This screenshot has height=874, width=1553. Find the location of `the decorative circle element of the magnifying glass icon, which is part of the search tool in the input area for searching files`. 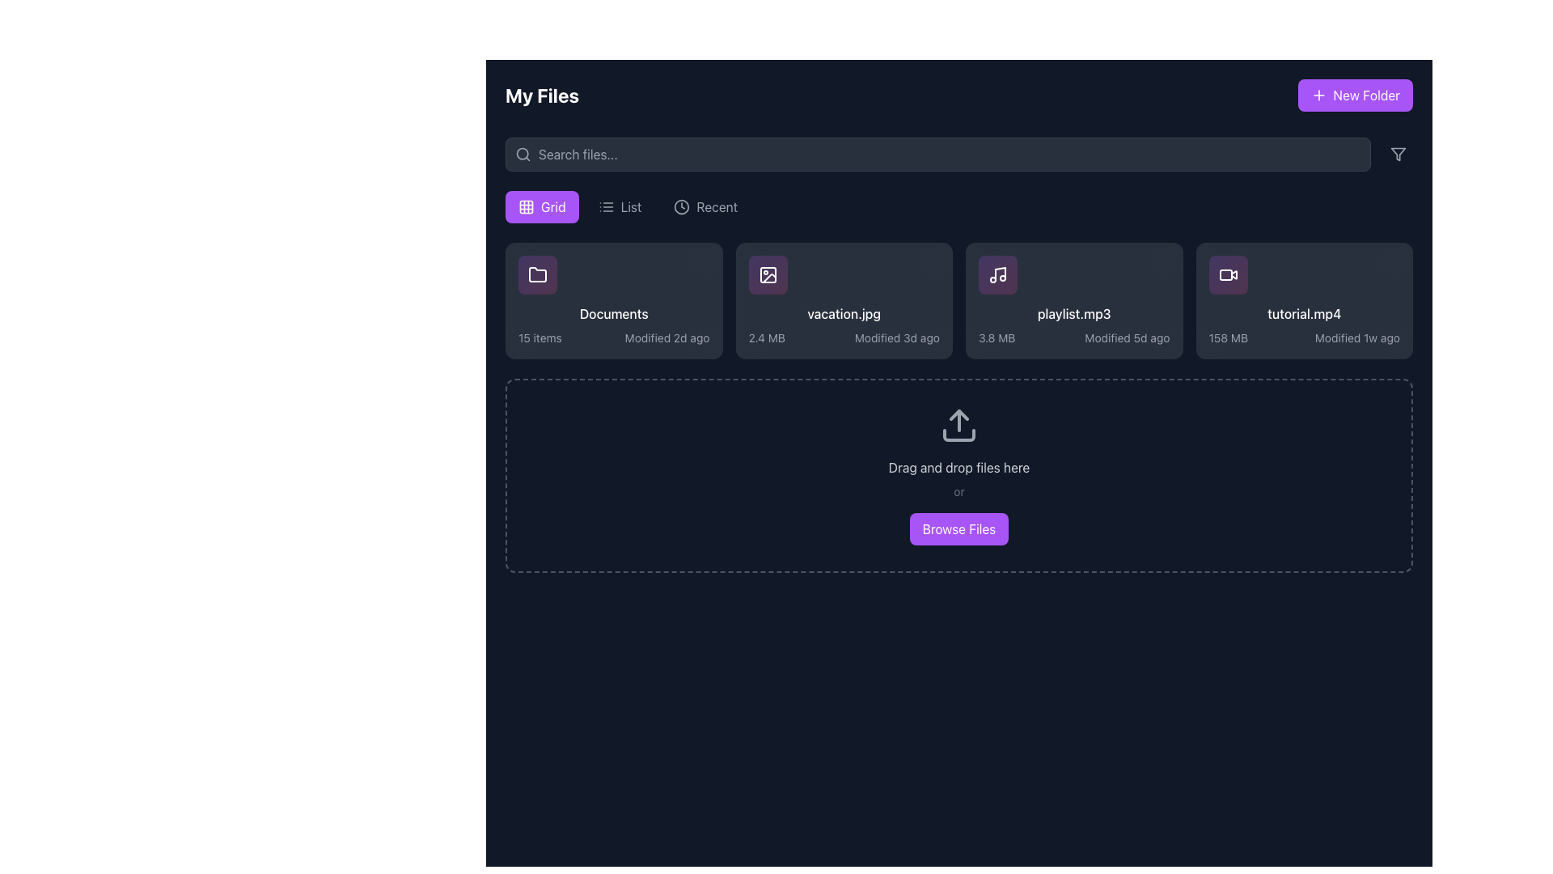

the decorative circle element of the magnifying glass icon, which is part of the search tool in the input area for searching files is located at coordinates (523, 154).